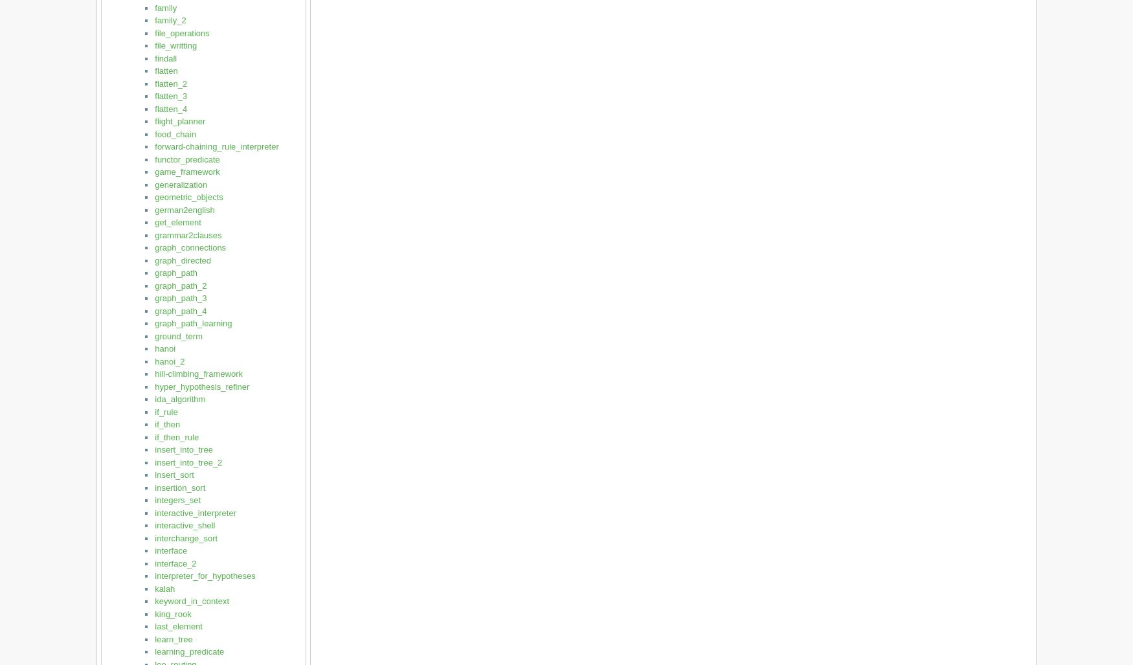 This screenshot has width=1133, height=665. Describe the element at coordinates (175, 45) in the screenshot. I see `'file_writting'` at that location.